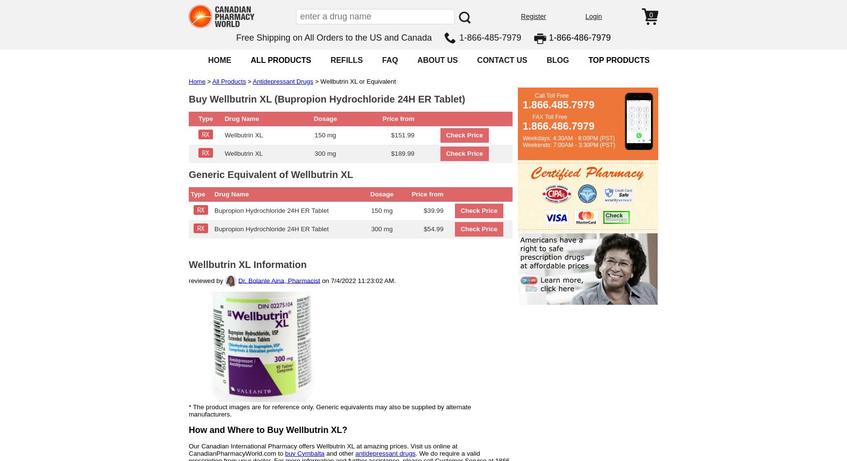 This screenshot has width=847, height=461. Describe the element at coordinates (433, 228) in the screenshot. I see `'$54.99'` at that location.